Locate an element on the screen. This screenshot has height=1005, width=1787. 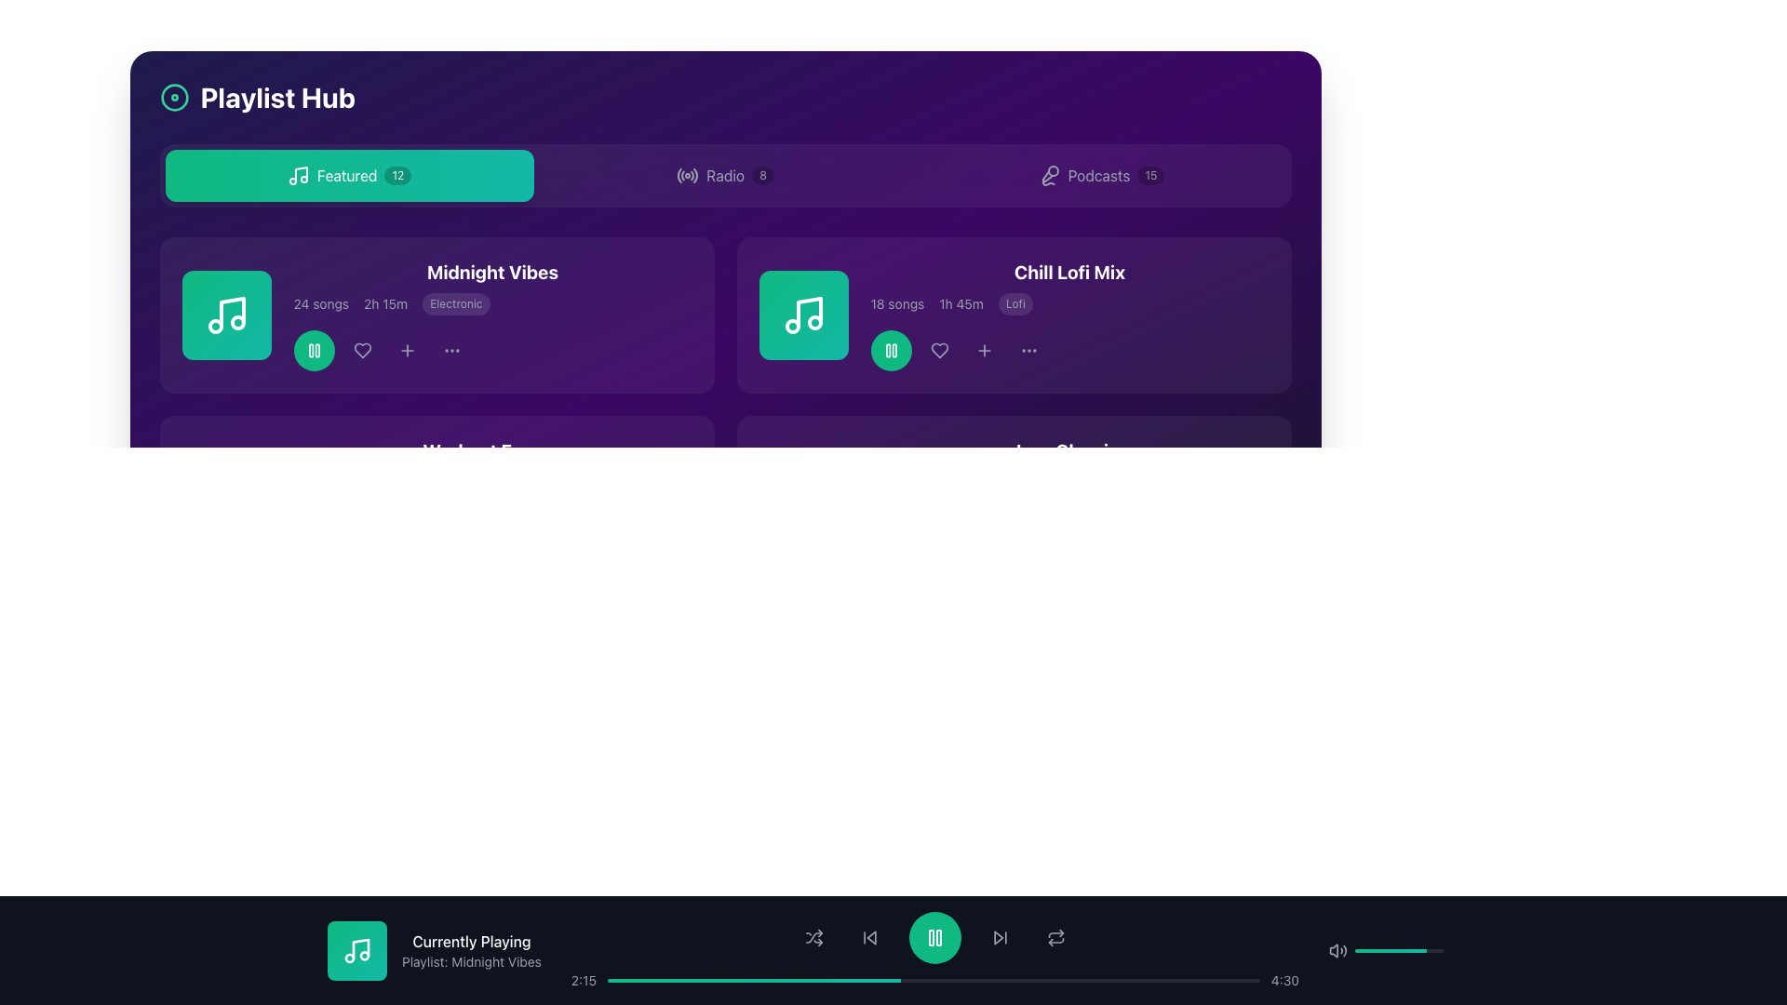
the first button in the navigation bar that has a gradient background from emerald green to teal, displays a music icon, the text 'Featured' in white, and a badge with the number '12' on the right is located at coordinates (349, 176).